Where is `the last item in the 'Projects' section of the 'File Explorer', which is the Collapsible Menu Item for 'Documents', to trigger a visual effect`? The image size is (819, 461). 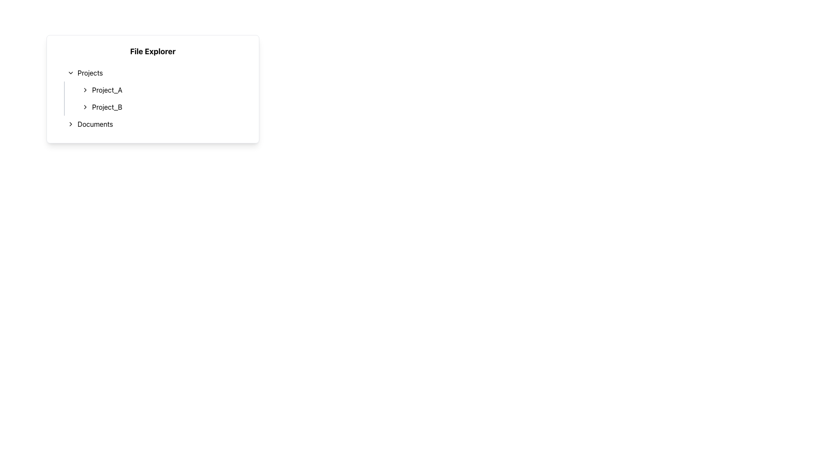 the last item in the 'Projects' section of the 'File Explorer', which is the Collapsible Menu Item for 'Documents', to trigger a visual effect is located at coordinates (153, 124).